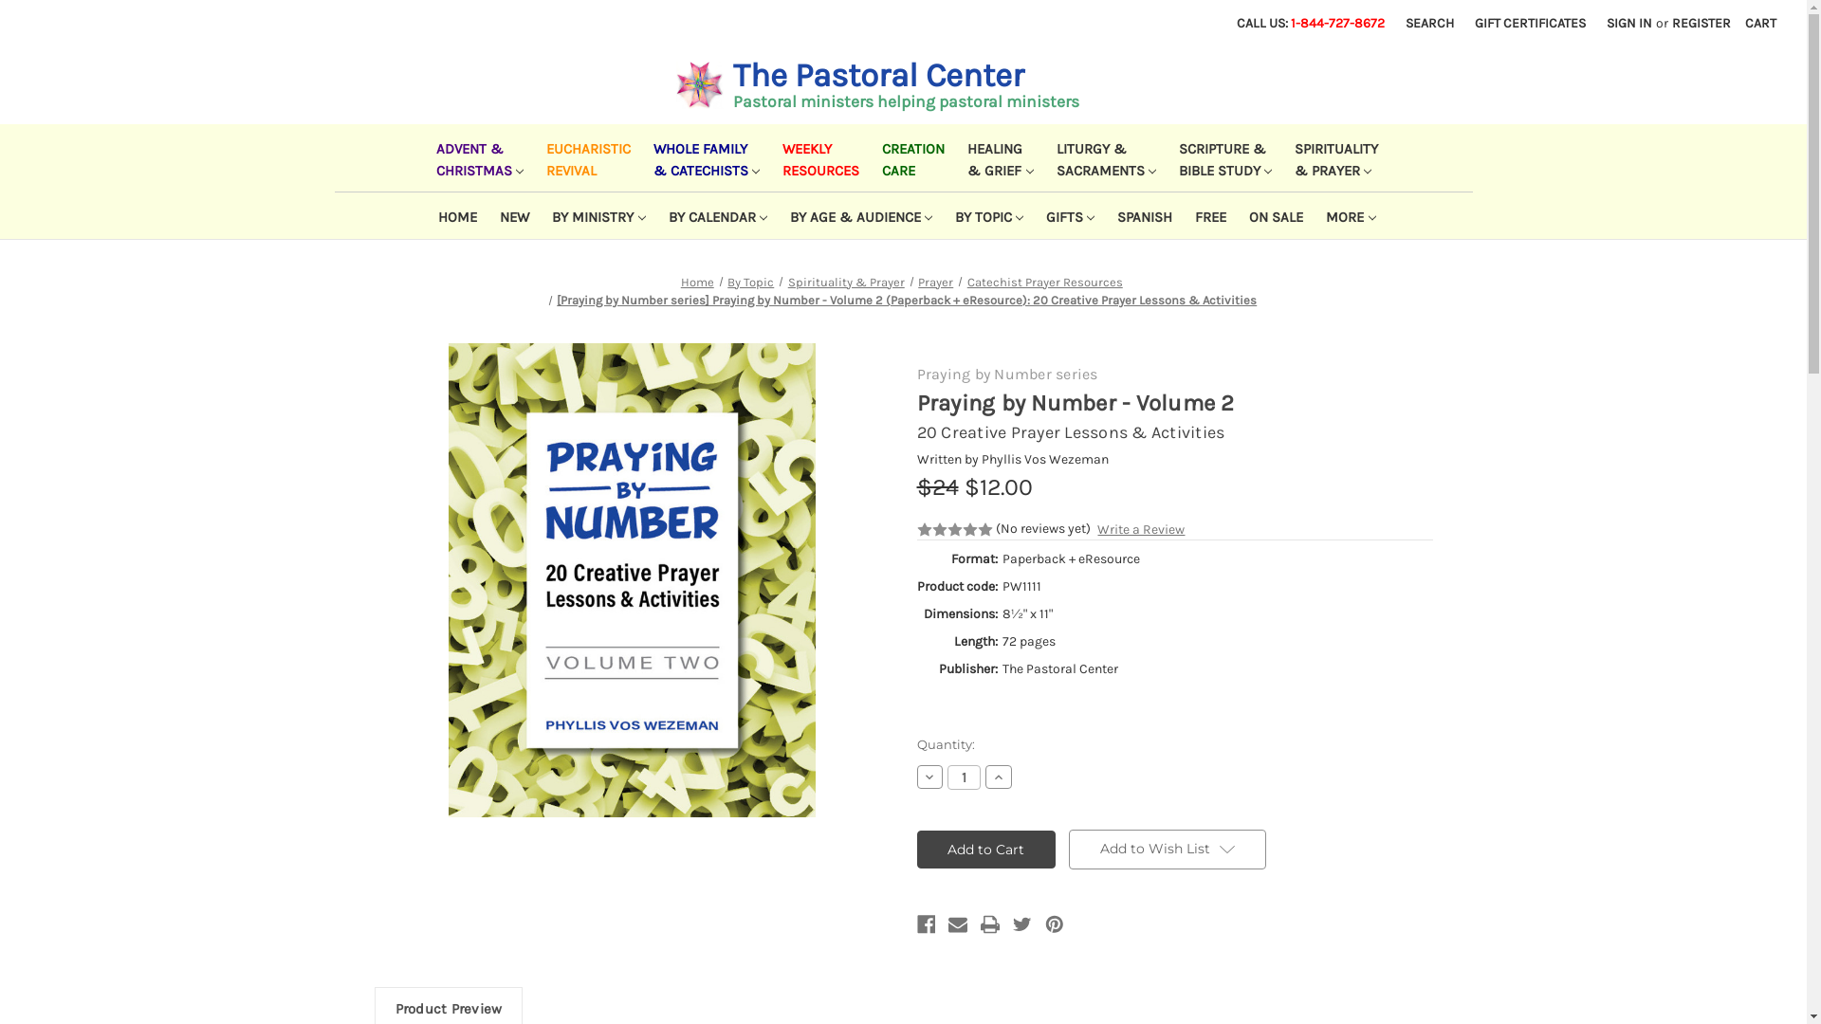  What do you see at coordinates (985, 848) in the screenshot?
I see `'Add to Cart'` at bounding box center [985, 848].